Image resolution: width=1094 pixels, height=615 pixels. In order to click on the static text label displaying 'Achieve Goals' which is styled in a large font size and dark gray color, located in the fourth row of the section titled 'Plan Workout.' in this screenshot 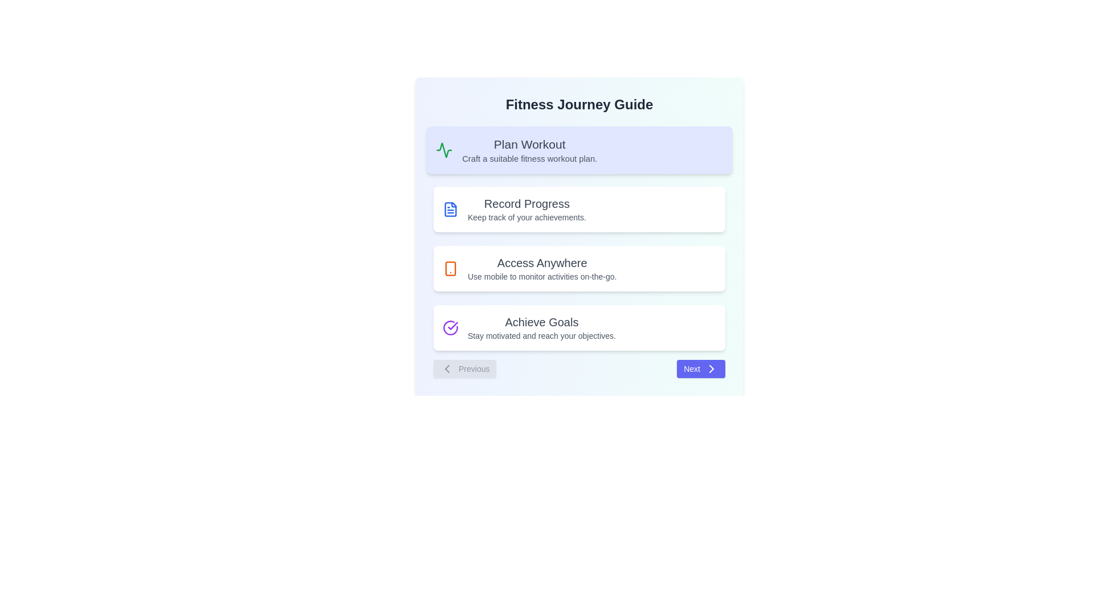, I will do `click(541, 322)`.